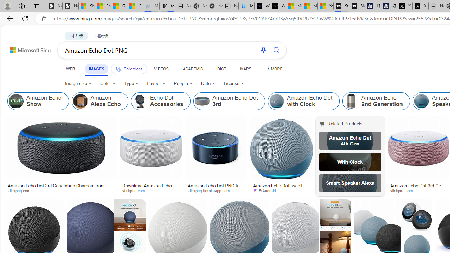  I want to click on 'Amazon Echo Show', so click(16, 101).